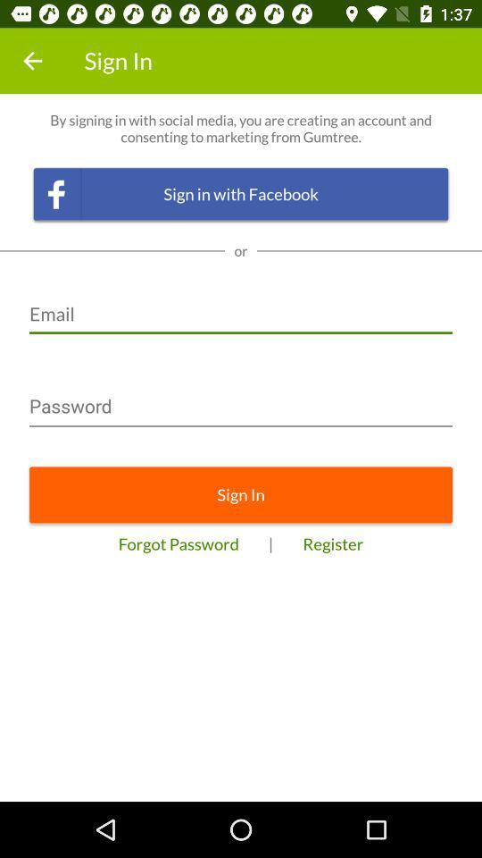 The image size is (482, 858). I want to click on the item to the left of sign in item, so click(32, 61).